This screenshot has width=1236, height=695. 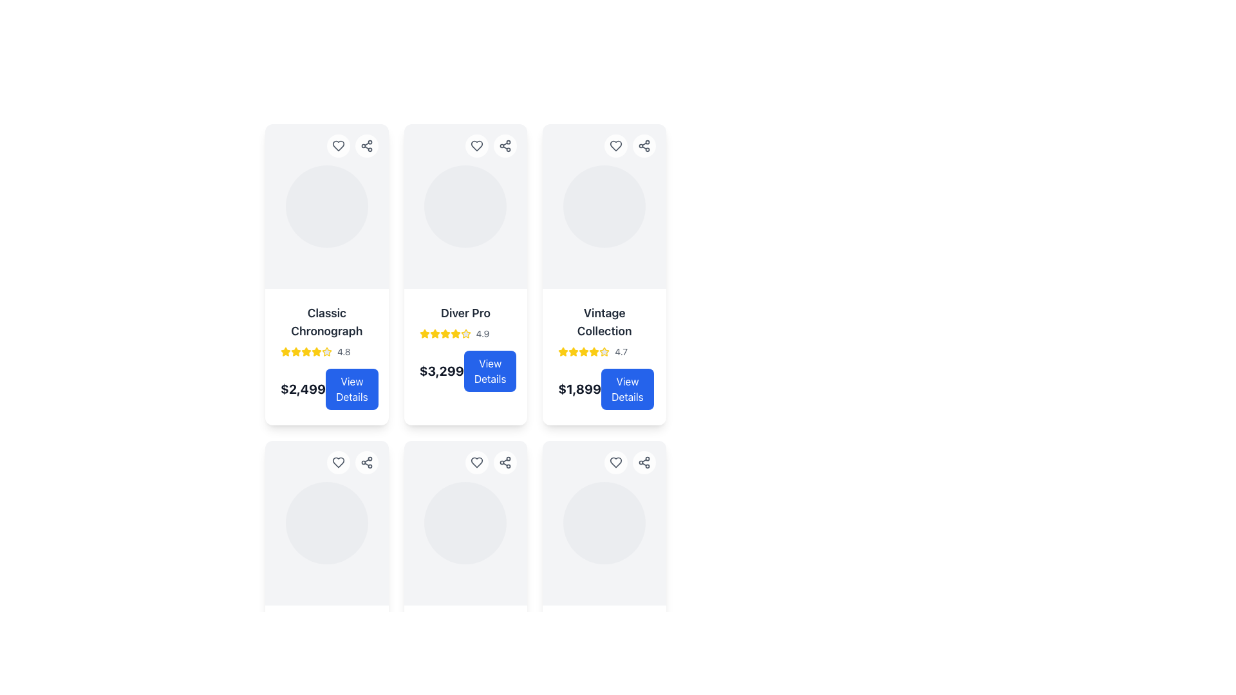 I want to click on the 5th star icon with a yellow outline and gray fill, which indicates the rating for 'Classic Chronograph' in the leftmost product card, so click(x=327, y=352).